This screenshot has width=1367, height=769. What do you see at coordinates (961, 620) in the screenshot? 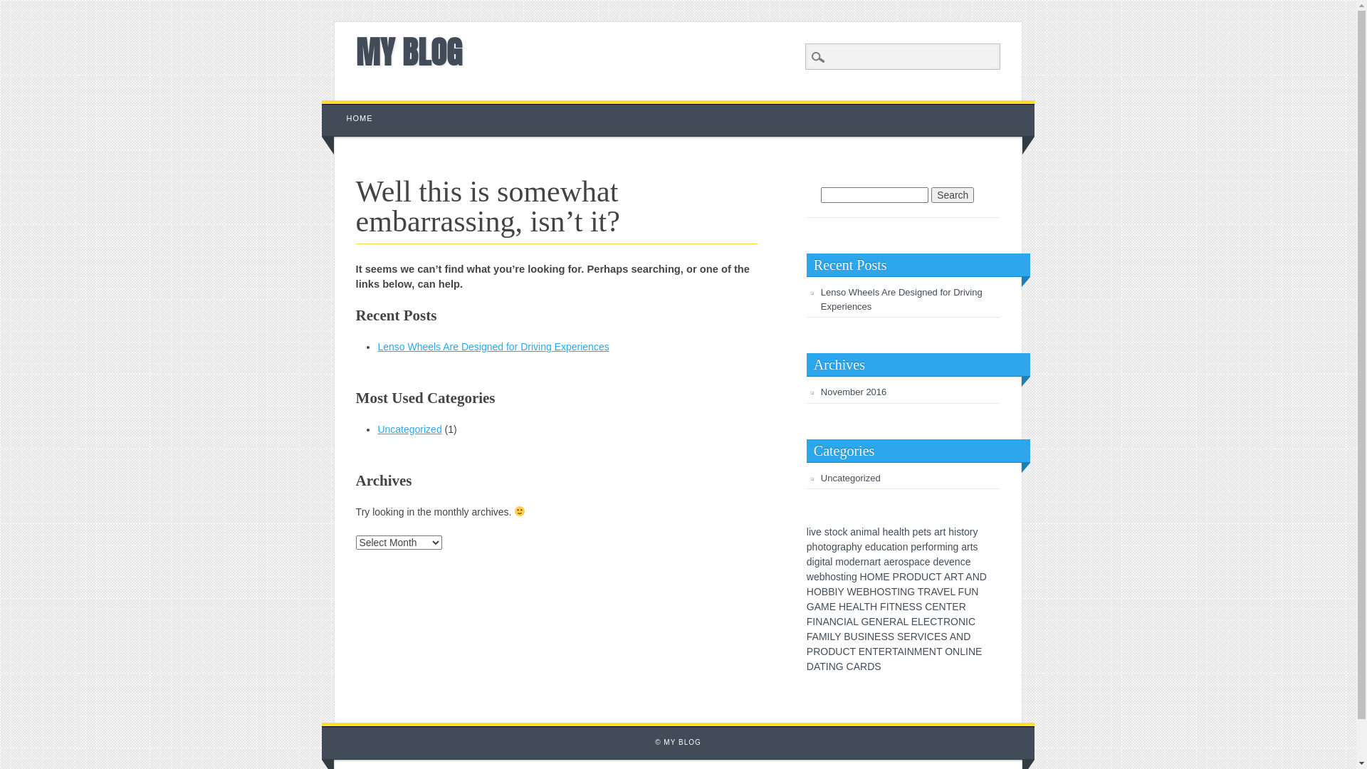
I see `'N'` at bounding box center [961, 620].